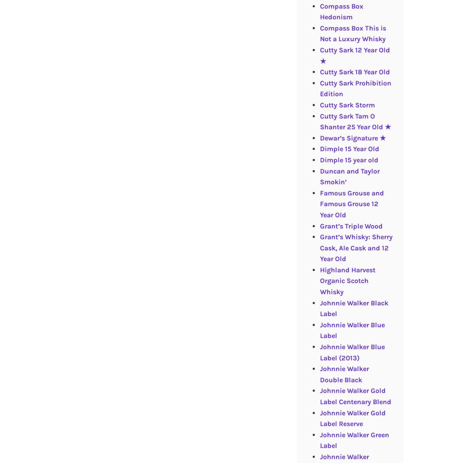 This screenshot has width=451, height=463. I want to click on 'Johnnie Walker Black Label', so click(353, 308).